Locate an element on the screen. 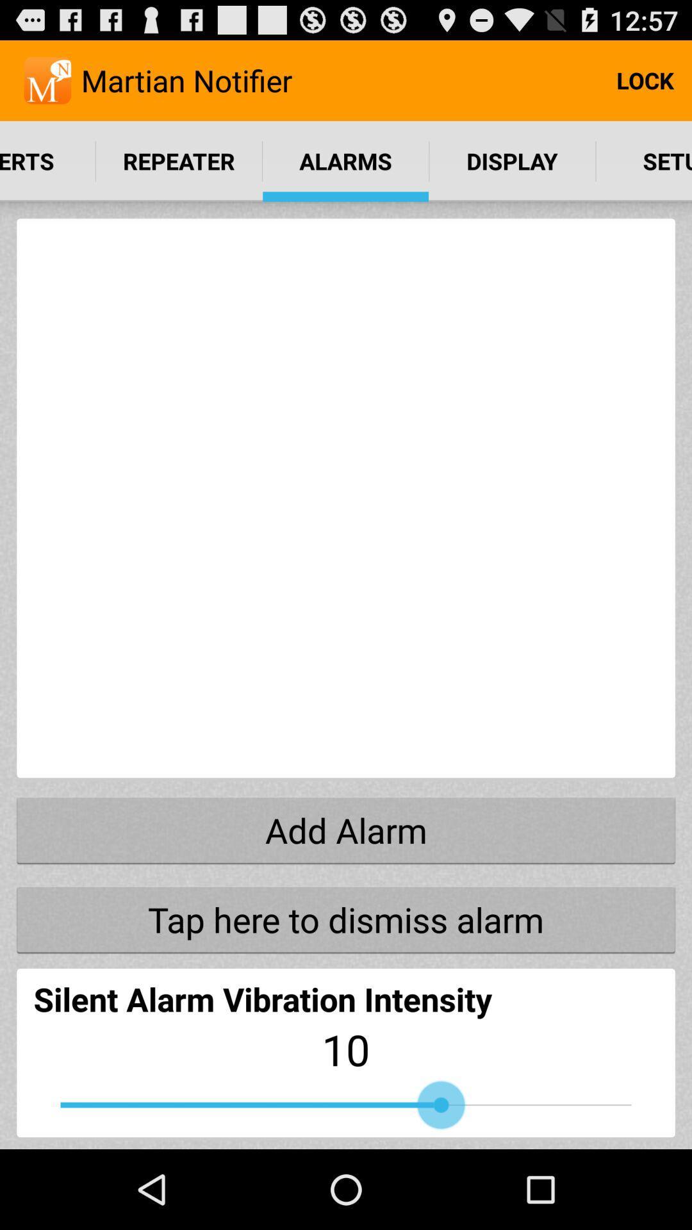 The width and height of the screenshot is (692, 1230). icon below the add alarm icon is located at coordinates (346, 919).